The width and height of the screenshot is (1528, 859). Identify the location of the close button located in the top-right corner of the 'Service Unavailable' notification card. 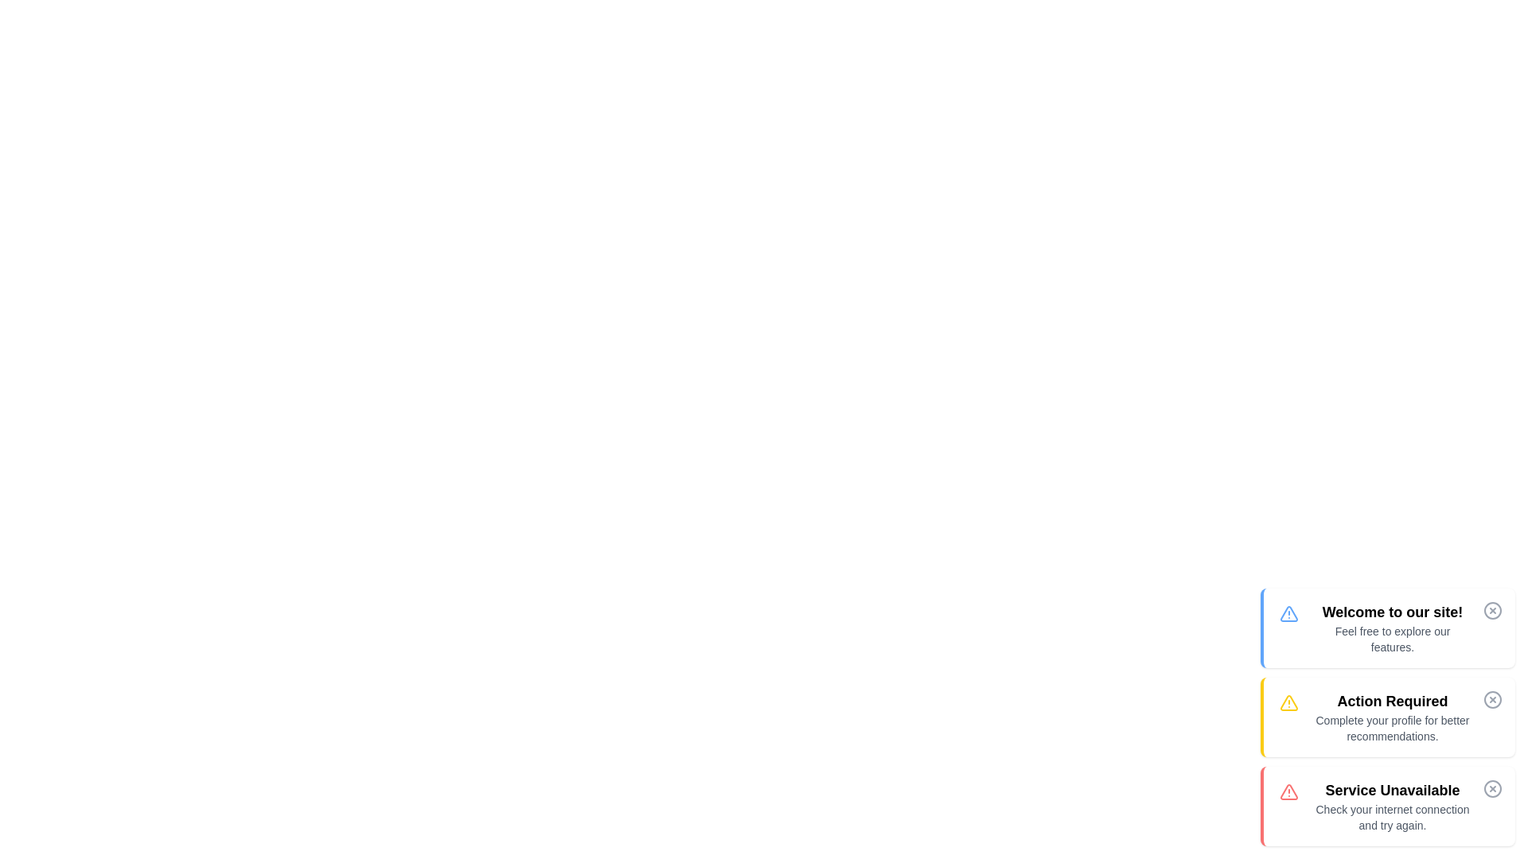
(1492, 788).